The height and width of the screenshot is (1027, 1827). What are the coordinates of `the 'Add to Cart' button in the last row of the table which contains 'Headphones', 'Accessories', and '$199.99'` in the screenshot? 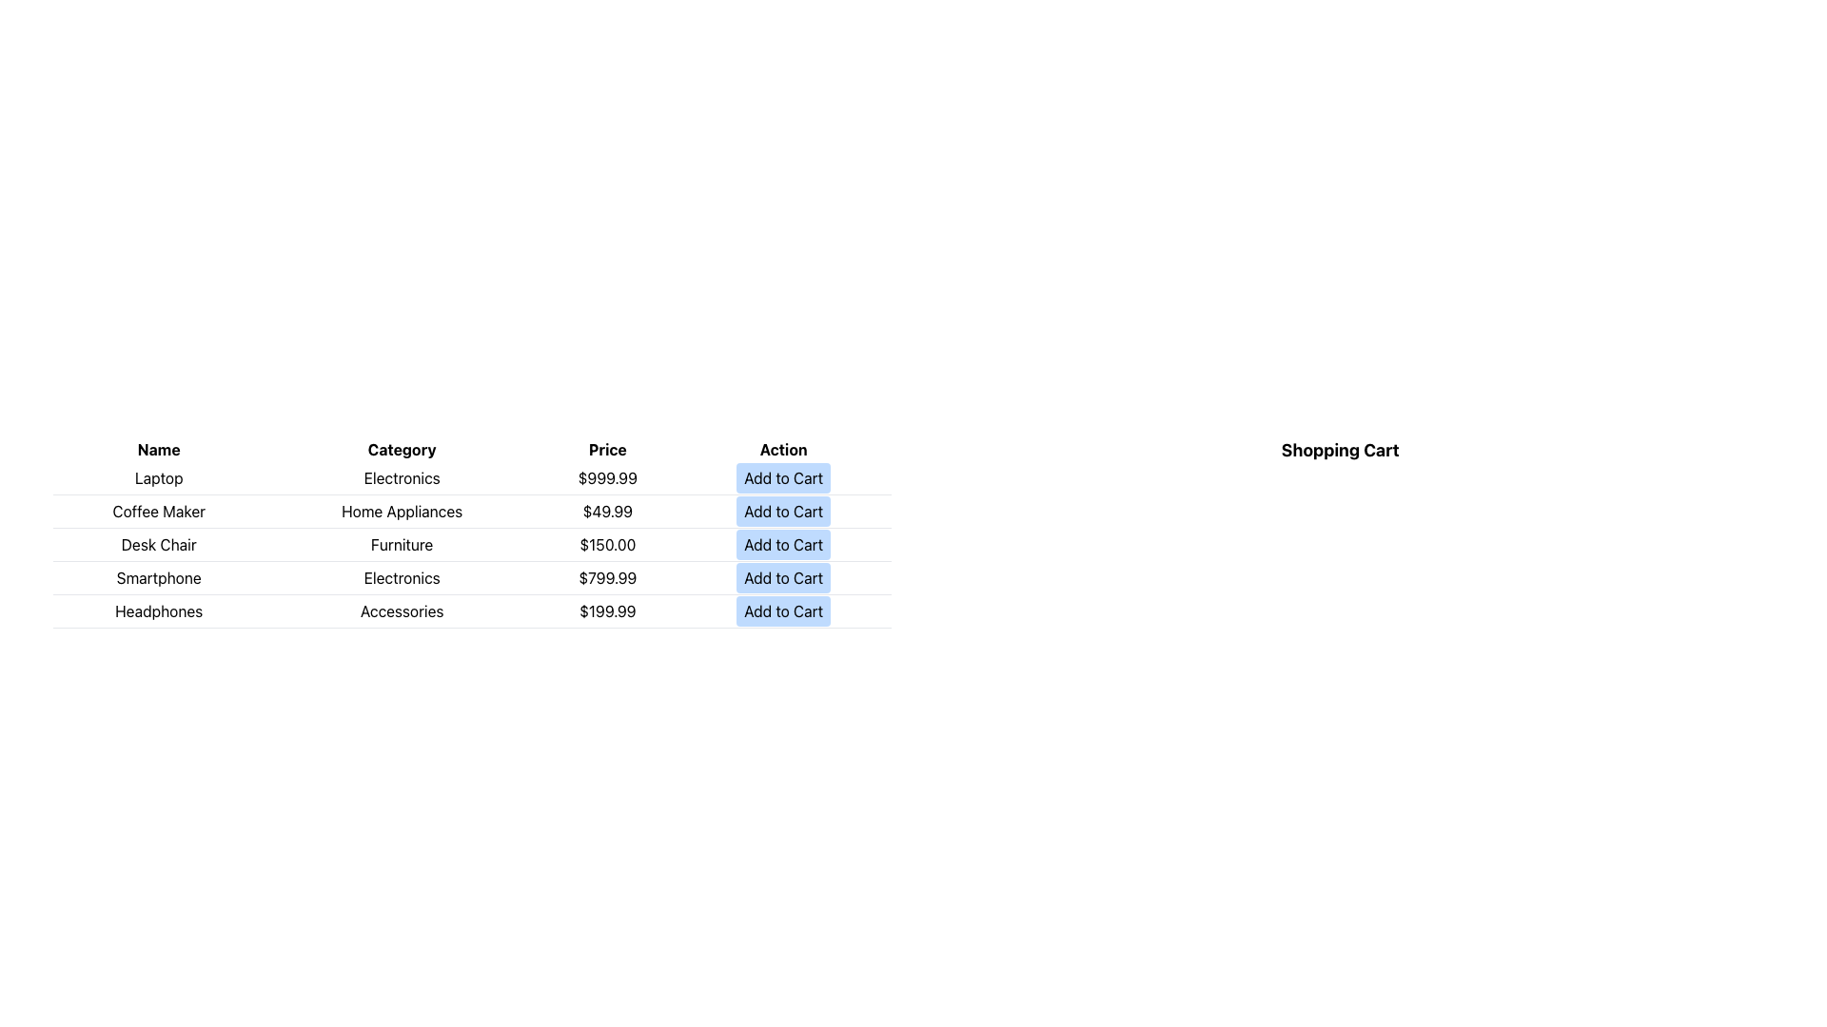 It's located at (472, 611).